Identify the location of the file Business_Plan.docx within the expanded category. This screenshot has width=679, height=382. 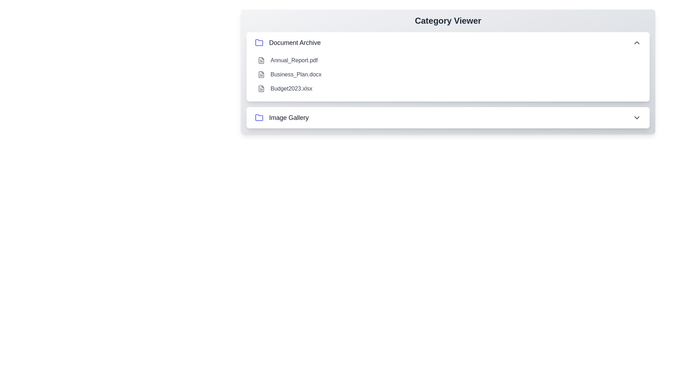
(261, 75).